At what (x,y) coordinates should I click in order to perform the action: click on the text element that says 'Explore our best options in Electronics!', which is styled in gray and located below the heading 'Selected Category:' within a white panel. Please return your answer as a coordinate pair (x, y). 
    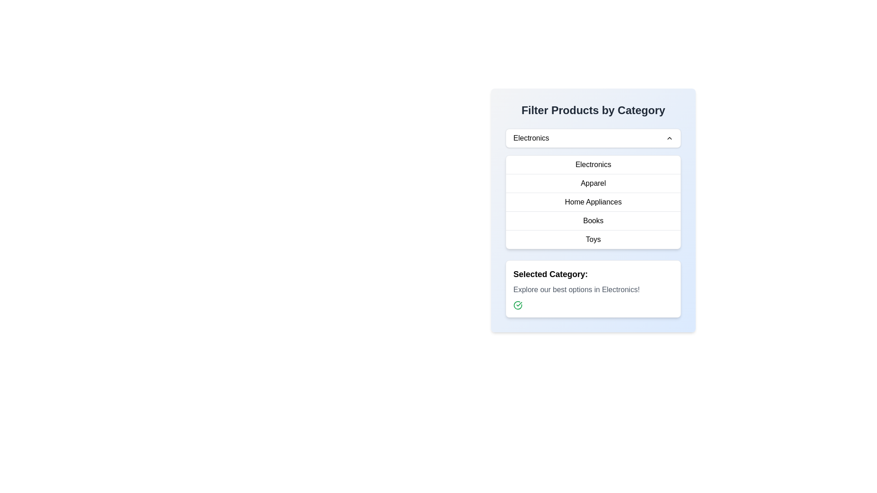
    Looking at the image, I should click on (593, 290).